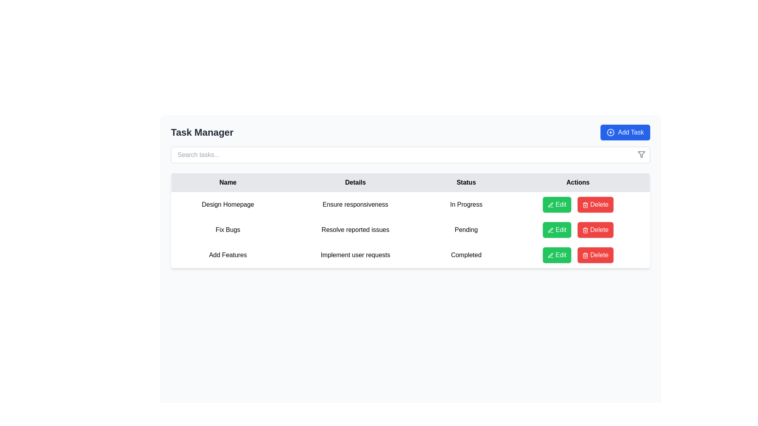  I want to click on the edit icon located within the 'Edit' button in the second row of the table under the 'Actions' column, so click(550, 230).